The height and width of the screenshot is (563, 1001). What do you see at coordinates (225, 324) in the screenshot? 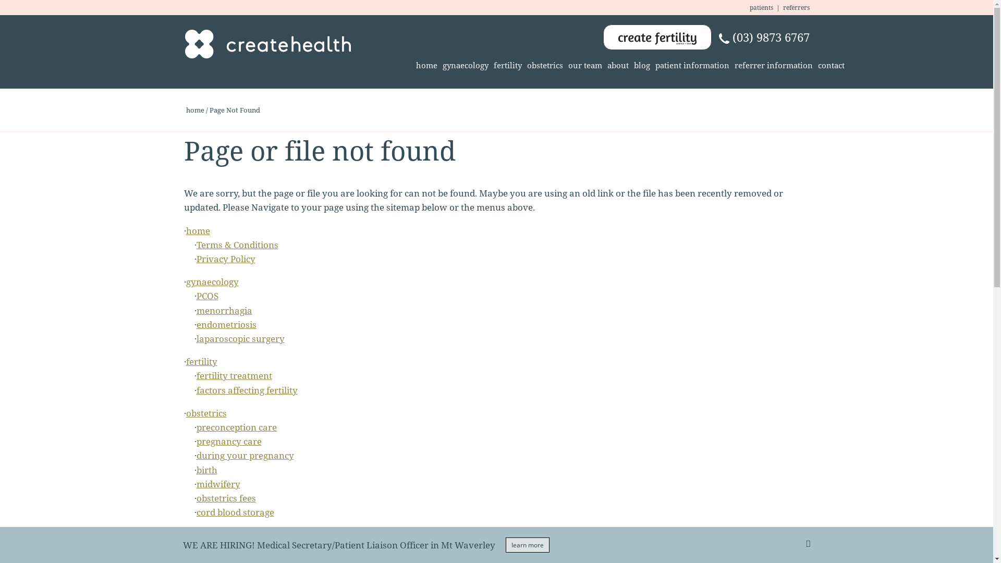
I see `'endometriosis'` at bounding box center [225, 324].